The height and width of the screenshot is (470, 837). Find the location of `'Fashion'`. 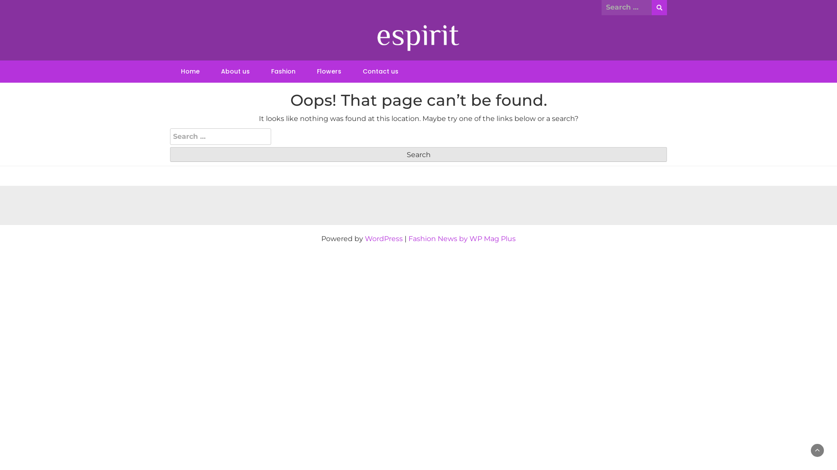

'Fashion' is located at coordinates (283, 71).